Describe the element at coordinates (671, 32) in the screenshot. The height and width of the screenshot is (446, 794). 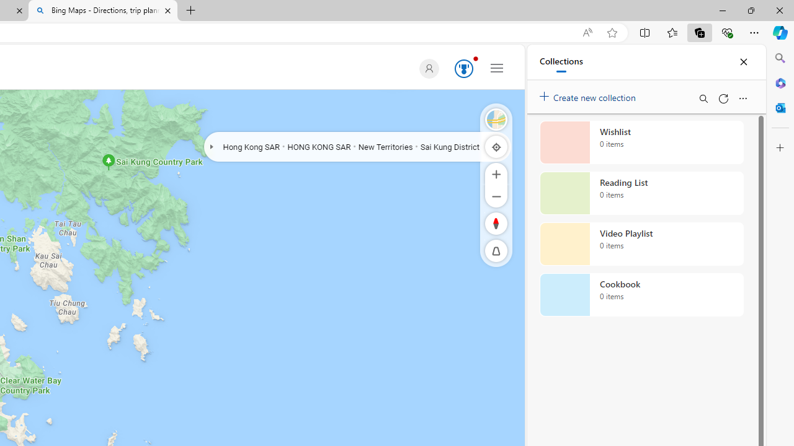
I see `'Favorites'` at that location.